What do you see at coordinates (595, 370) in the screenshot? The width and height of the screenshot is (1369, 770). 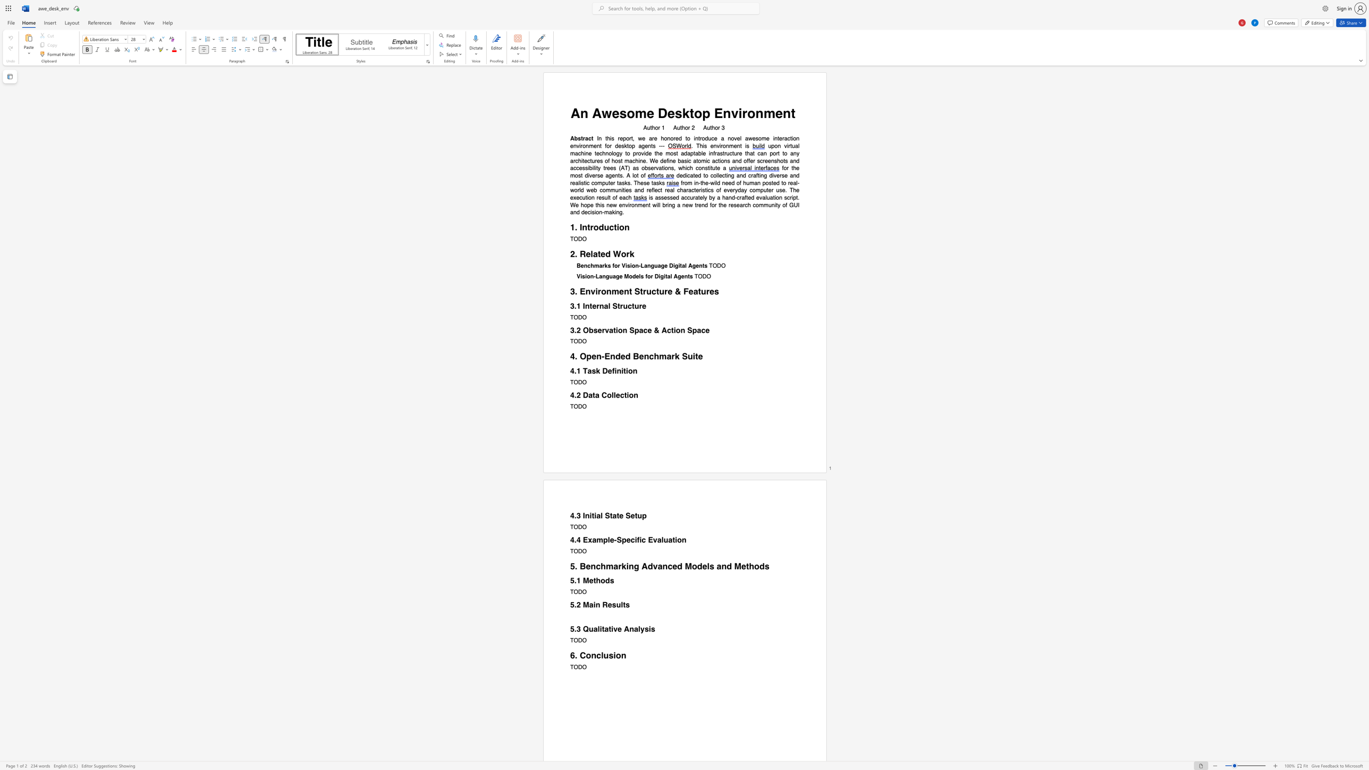 I see `the subset text "k Definition" within the text "4.1 Task Definition"` at bounding box center [595, 370].